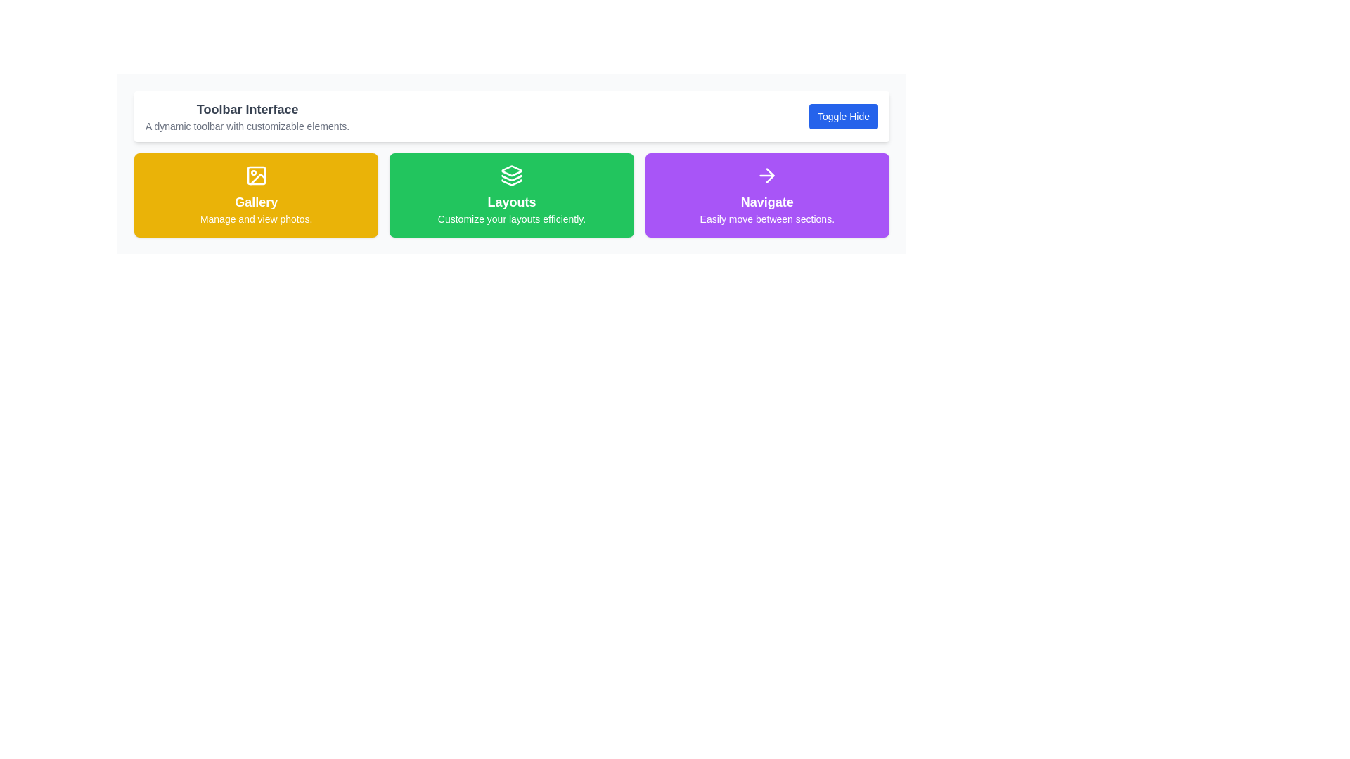 The image size is (1350, 759). What do you see at coordinates (247, 108) in the screenshot?
I see `the Text label (heading) that serves as a title for the section, providing context to the user regarding the associated functionality` at bounding box center [247, 108].